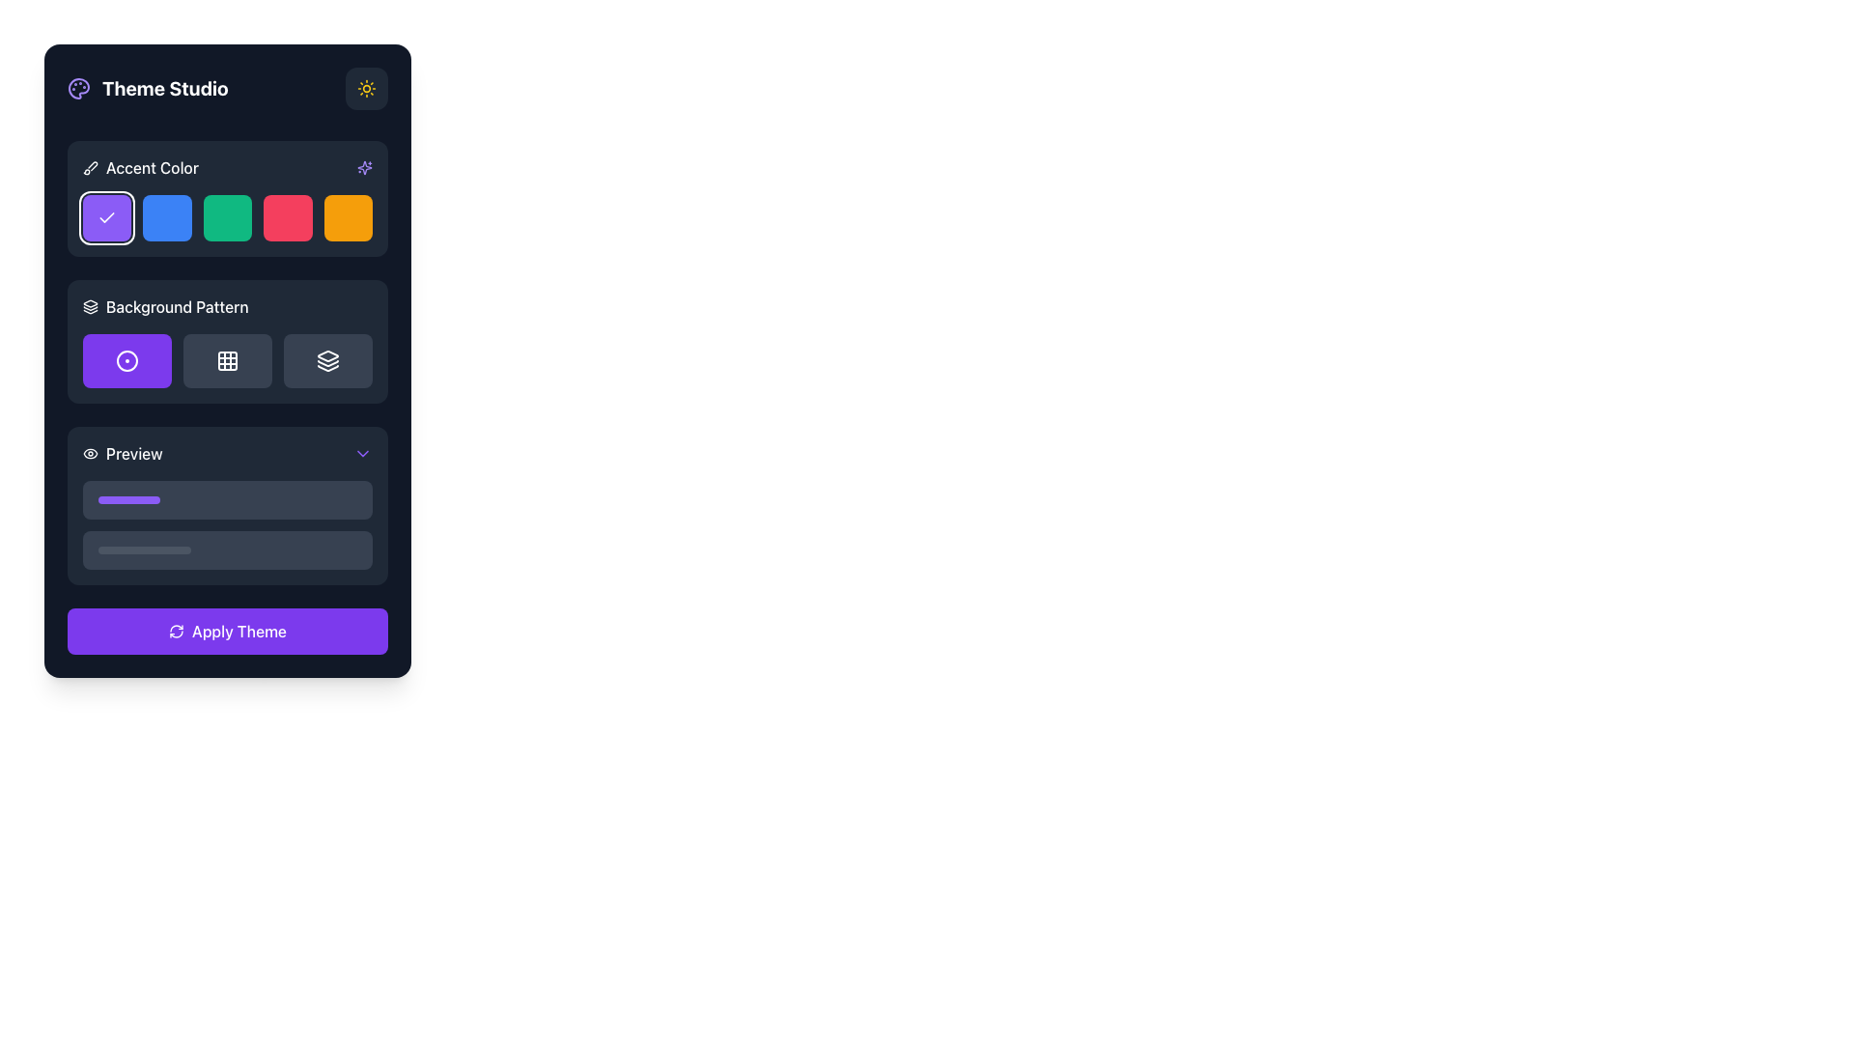 This screenshot has height=1043, width=1854. What do you see at coordinates (147, 89) in the screenshot?
I see `the static text element labeled 'Theme Studio', which is located near the top-left of the header bar, to the left of the sun icon` at bounding box center [147, 89].